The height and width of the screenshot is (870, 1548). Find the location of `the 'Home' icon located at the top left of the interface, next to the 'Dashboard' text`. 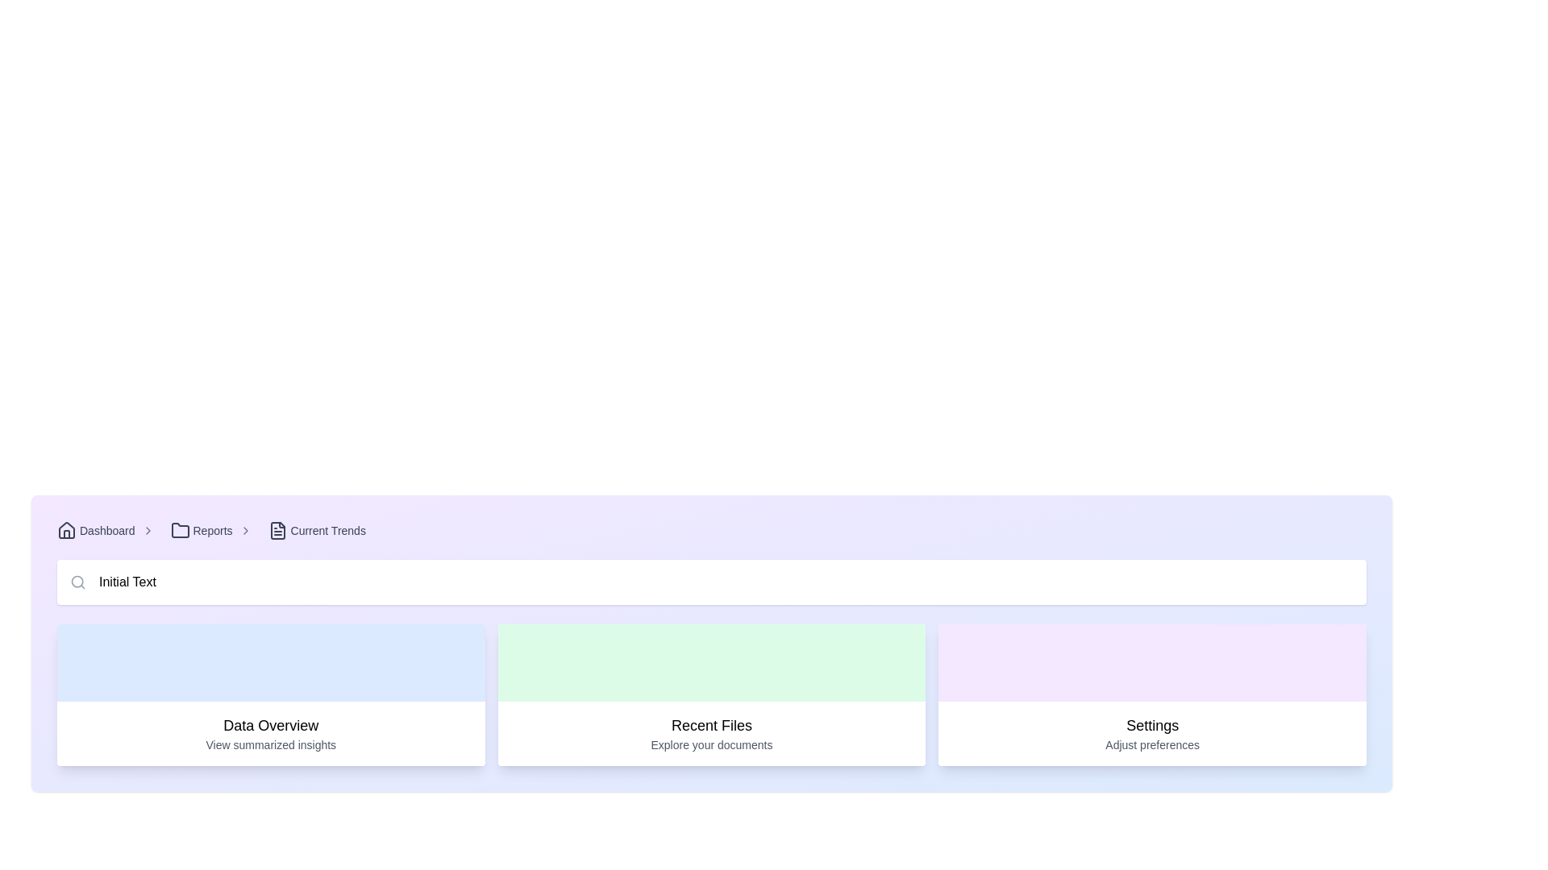

the 'Home' icon located at the top left of the interface, next to the 'Dashboard' text is located at coordinates (65, 531).